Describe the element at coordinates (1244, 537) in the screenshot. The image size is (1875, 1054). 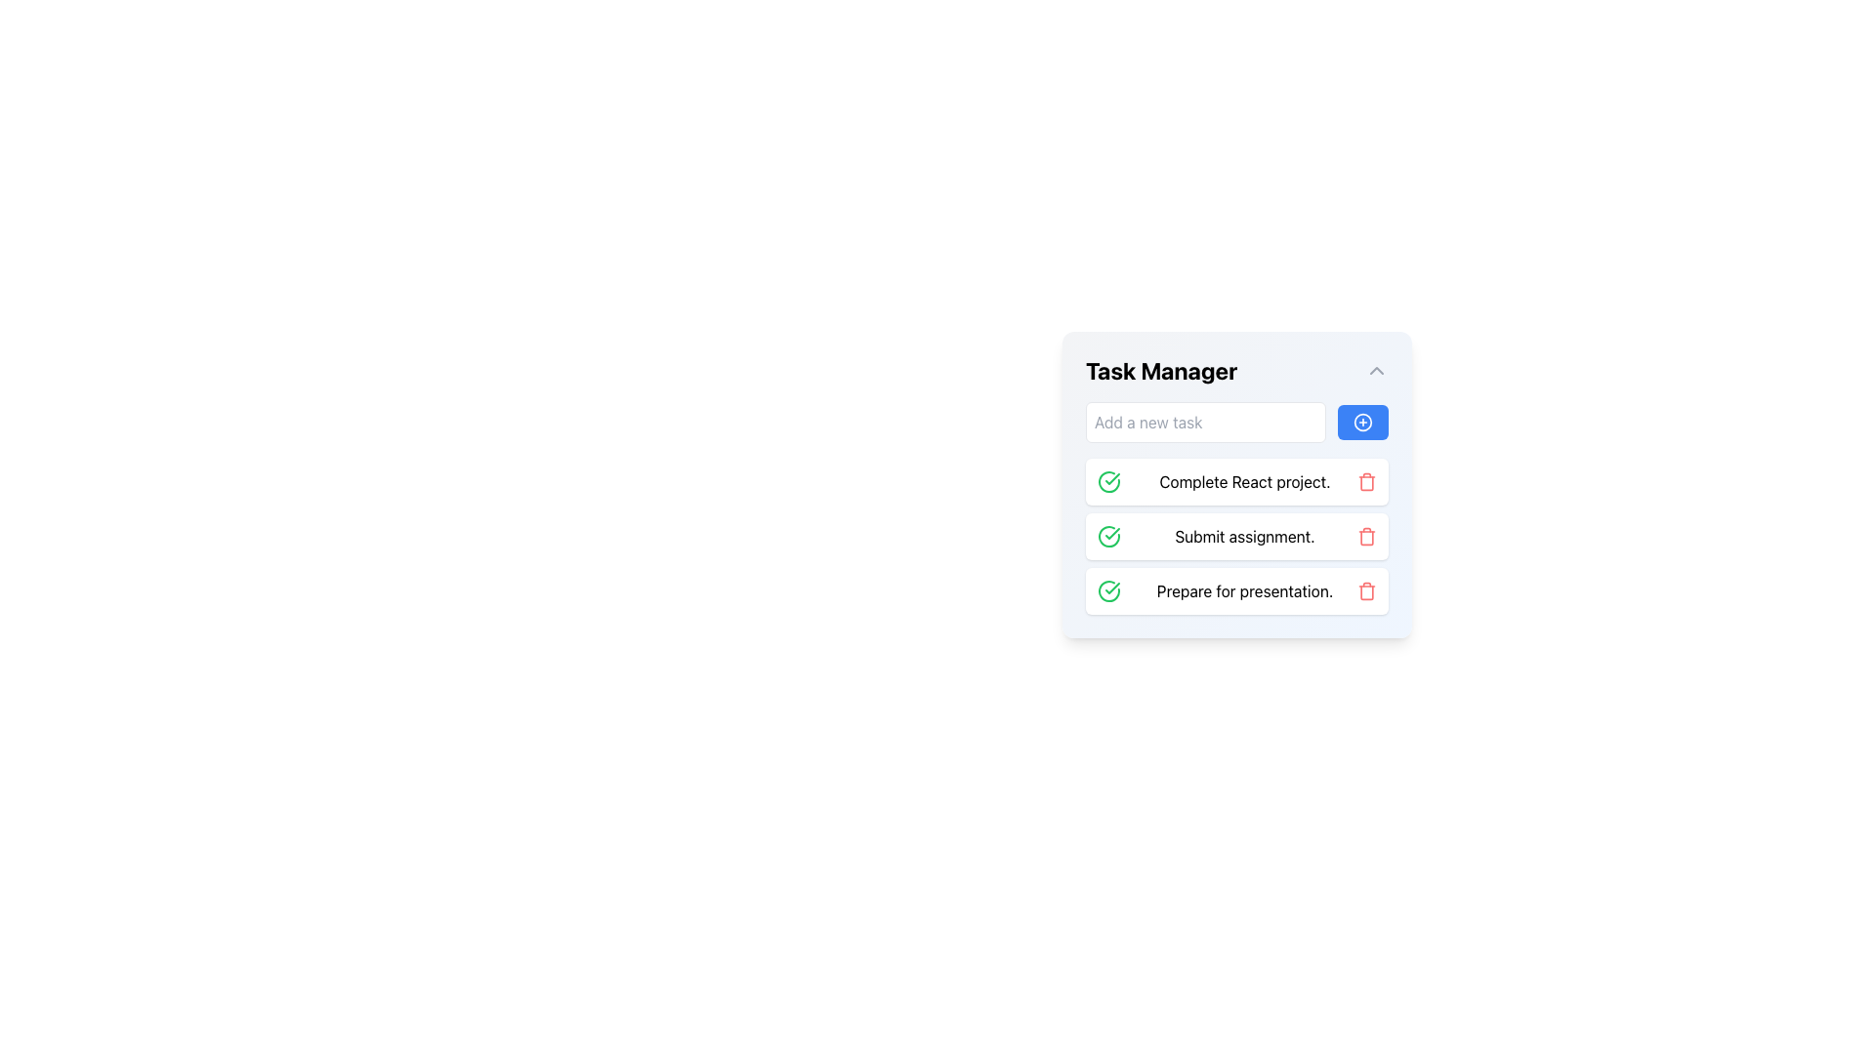
I see `text from the Text Label displaying 'Submit assignment.' which is the primary content of the second task in the task list under 'Task Manager'` at that location.